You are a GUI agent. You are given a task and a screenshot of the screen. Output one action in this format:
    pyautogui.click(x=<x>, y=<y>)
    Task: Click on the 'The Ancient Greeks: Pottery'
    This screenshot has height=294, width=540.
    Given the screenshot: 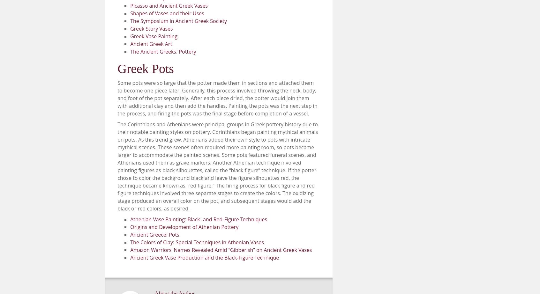 What is the action you would take?
    pyautogui.click(x=130, y=51)
    